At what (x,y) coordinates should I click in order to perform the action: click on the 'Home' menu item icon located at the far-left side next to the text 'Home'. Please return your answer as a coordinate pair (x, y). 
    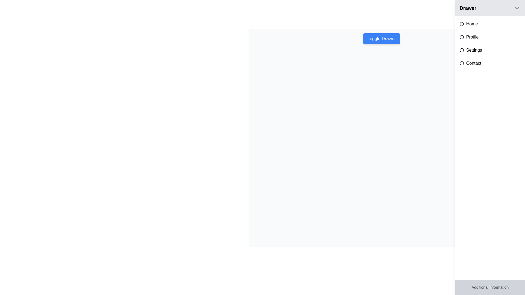
    Looking at the image, I should click on (462, 24).